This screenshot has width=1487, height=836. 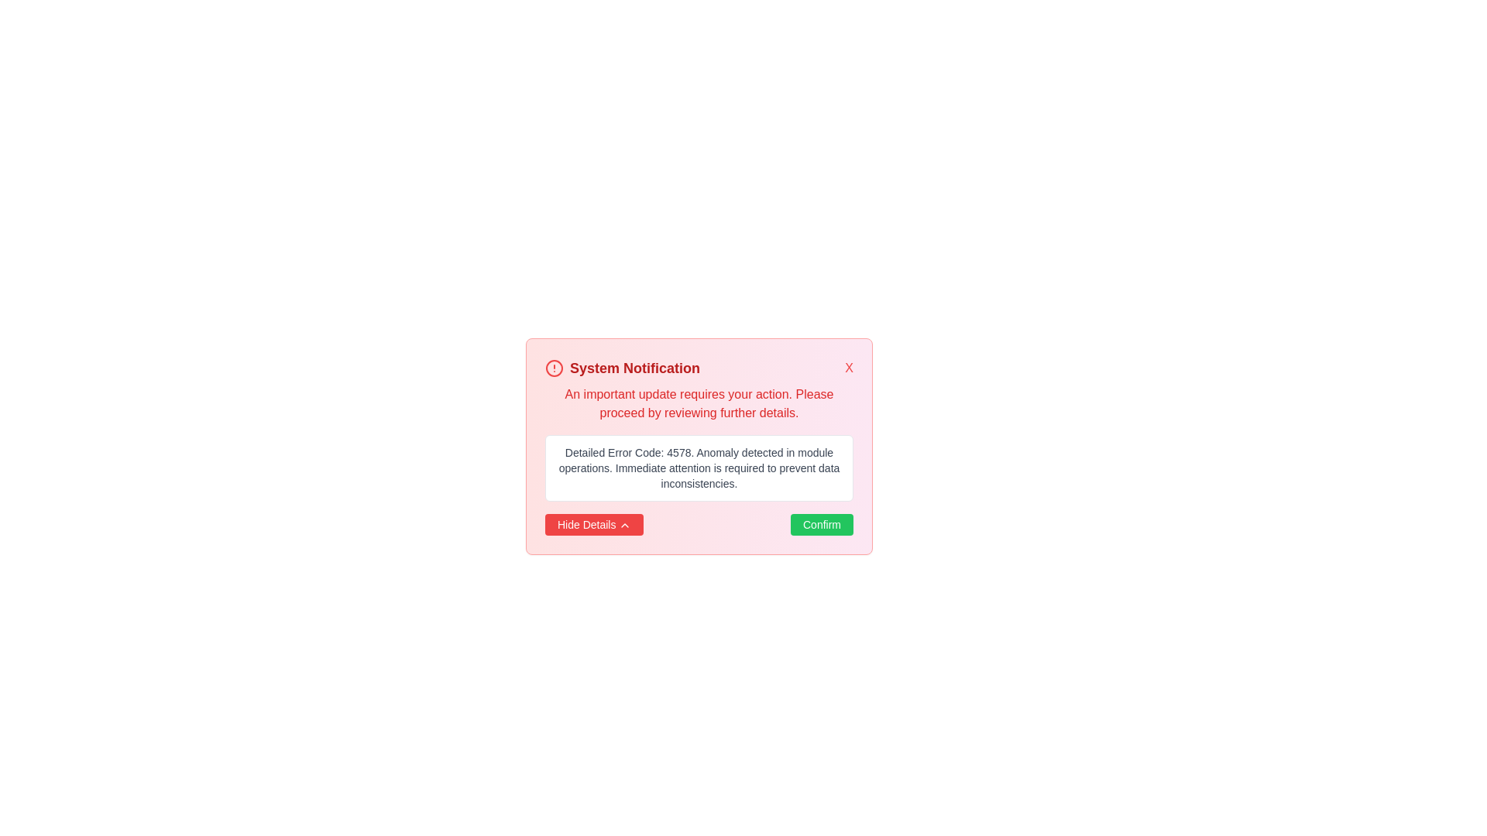 What do you see at coordinates (821, 524) in the screenshot?
I see `the Confirm button` at bounding box center [821, 524].